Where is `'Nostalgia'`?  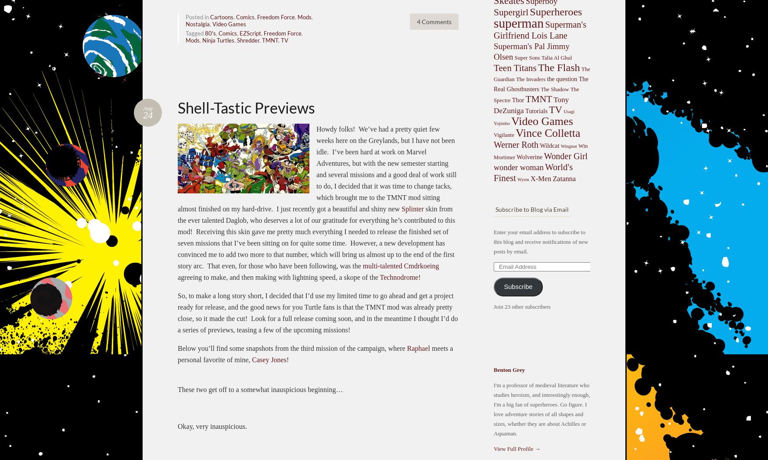 'Nostalgia' is located at coordinates (197, 24).